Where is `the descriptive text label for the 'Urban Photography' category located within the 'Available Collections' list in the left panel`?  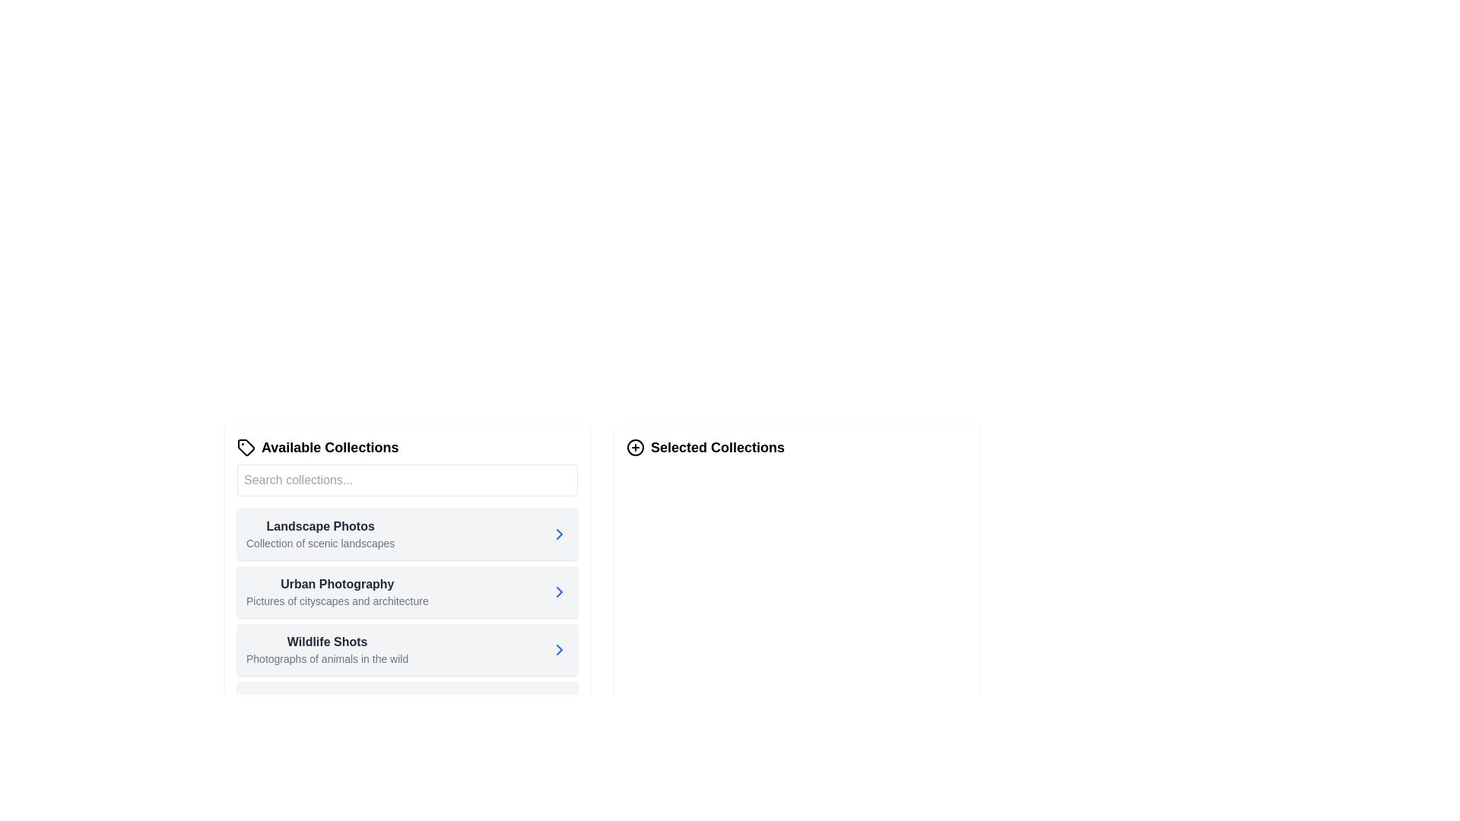 the descriptive text label for the 'Urban Photography' category located within the 'Available Collections' list in the left panel is located at coordinates (336, 591).